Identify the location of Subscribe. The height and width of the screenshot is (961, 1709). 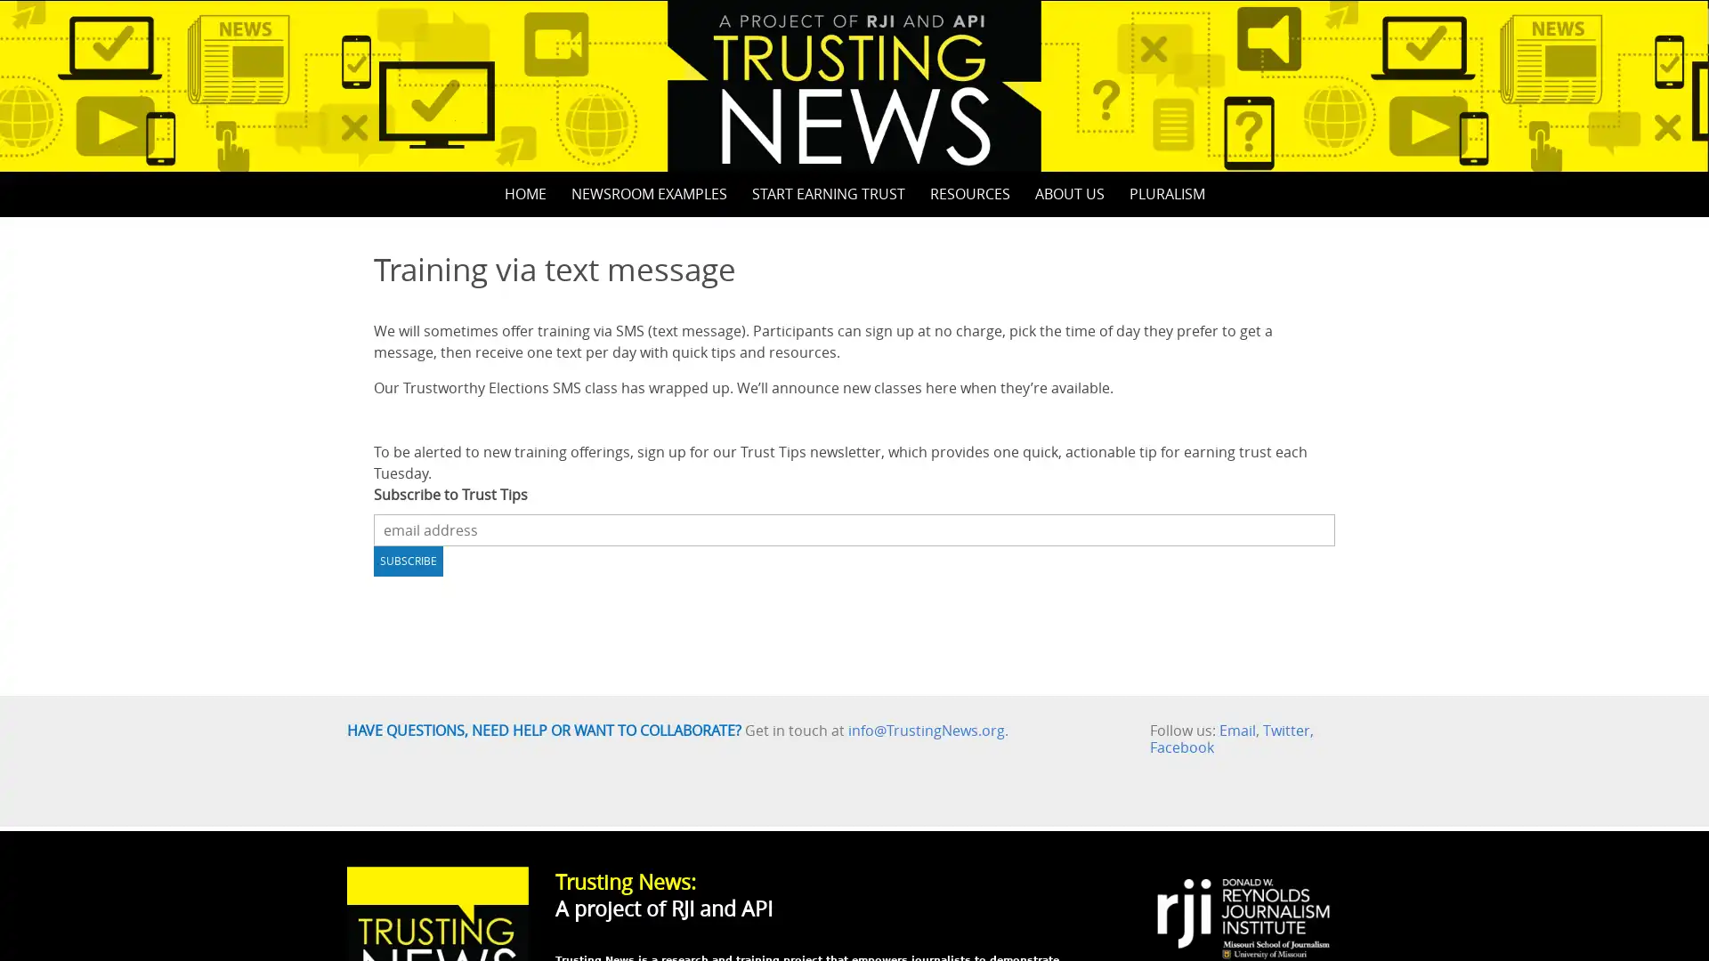
(408, 559).